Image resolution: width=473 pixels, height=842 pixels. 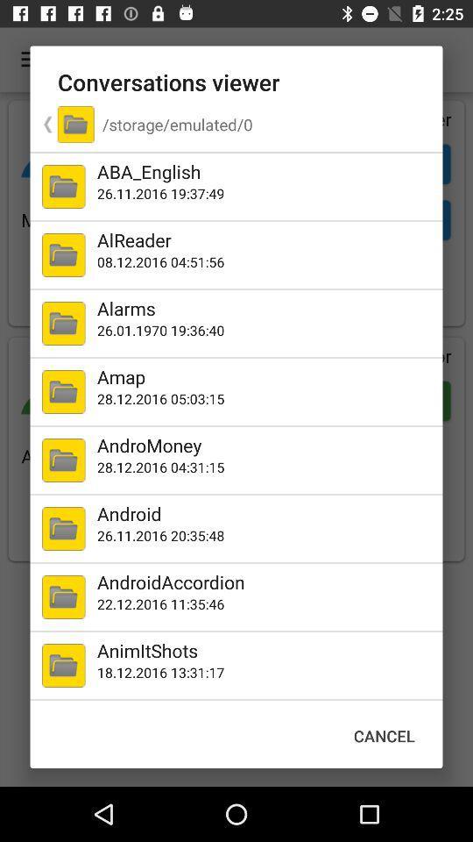 What do you see at coordinates (265, 649) in the screenshot?
I see `animitshots item` at bounding box center [265, 649].